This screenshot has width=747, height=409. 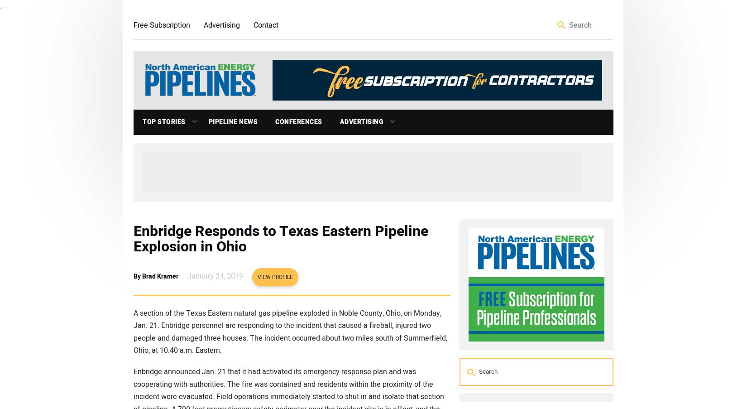 What do you see at coordinates (134, 238) in the screenshot?
I see `'Enbridge Responds to Texas Eastern Pipeline Explosion in Ohio'` at bounding box center [134, 238].